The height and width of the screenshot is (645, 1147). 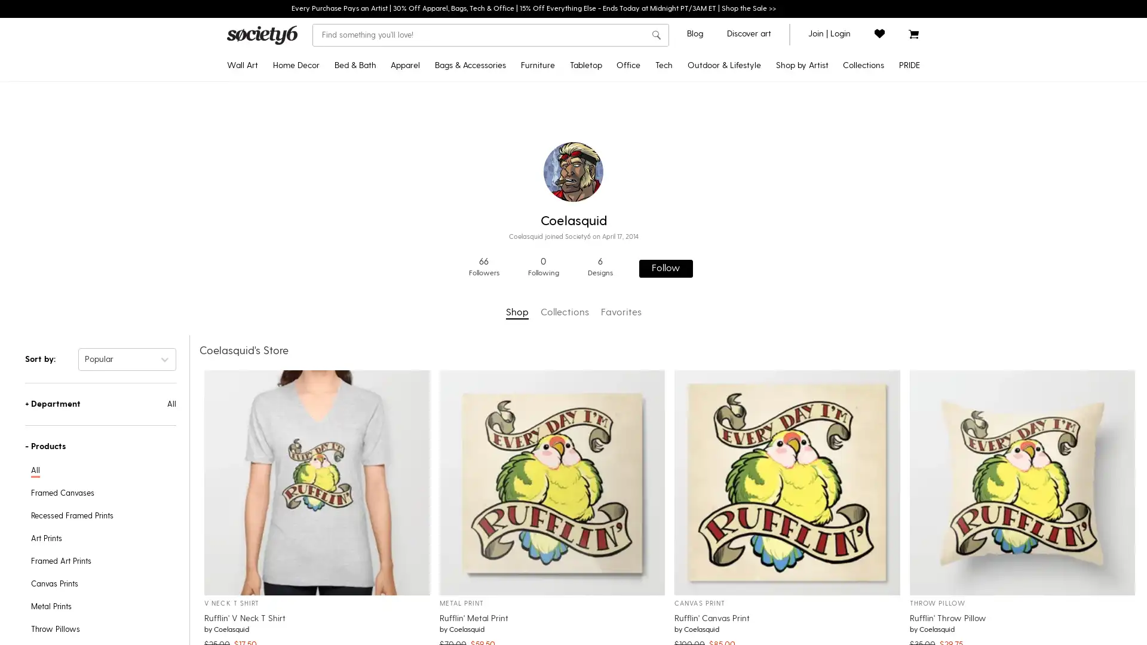 What do you see at coordinates (381, 134) in the screenshot?
I see `Pillow Shams` at bounding box center [381, 134].